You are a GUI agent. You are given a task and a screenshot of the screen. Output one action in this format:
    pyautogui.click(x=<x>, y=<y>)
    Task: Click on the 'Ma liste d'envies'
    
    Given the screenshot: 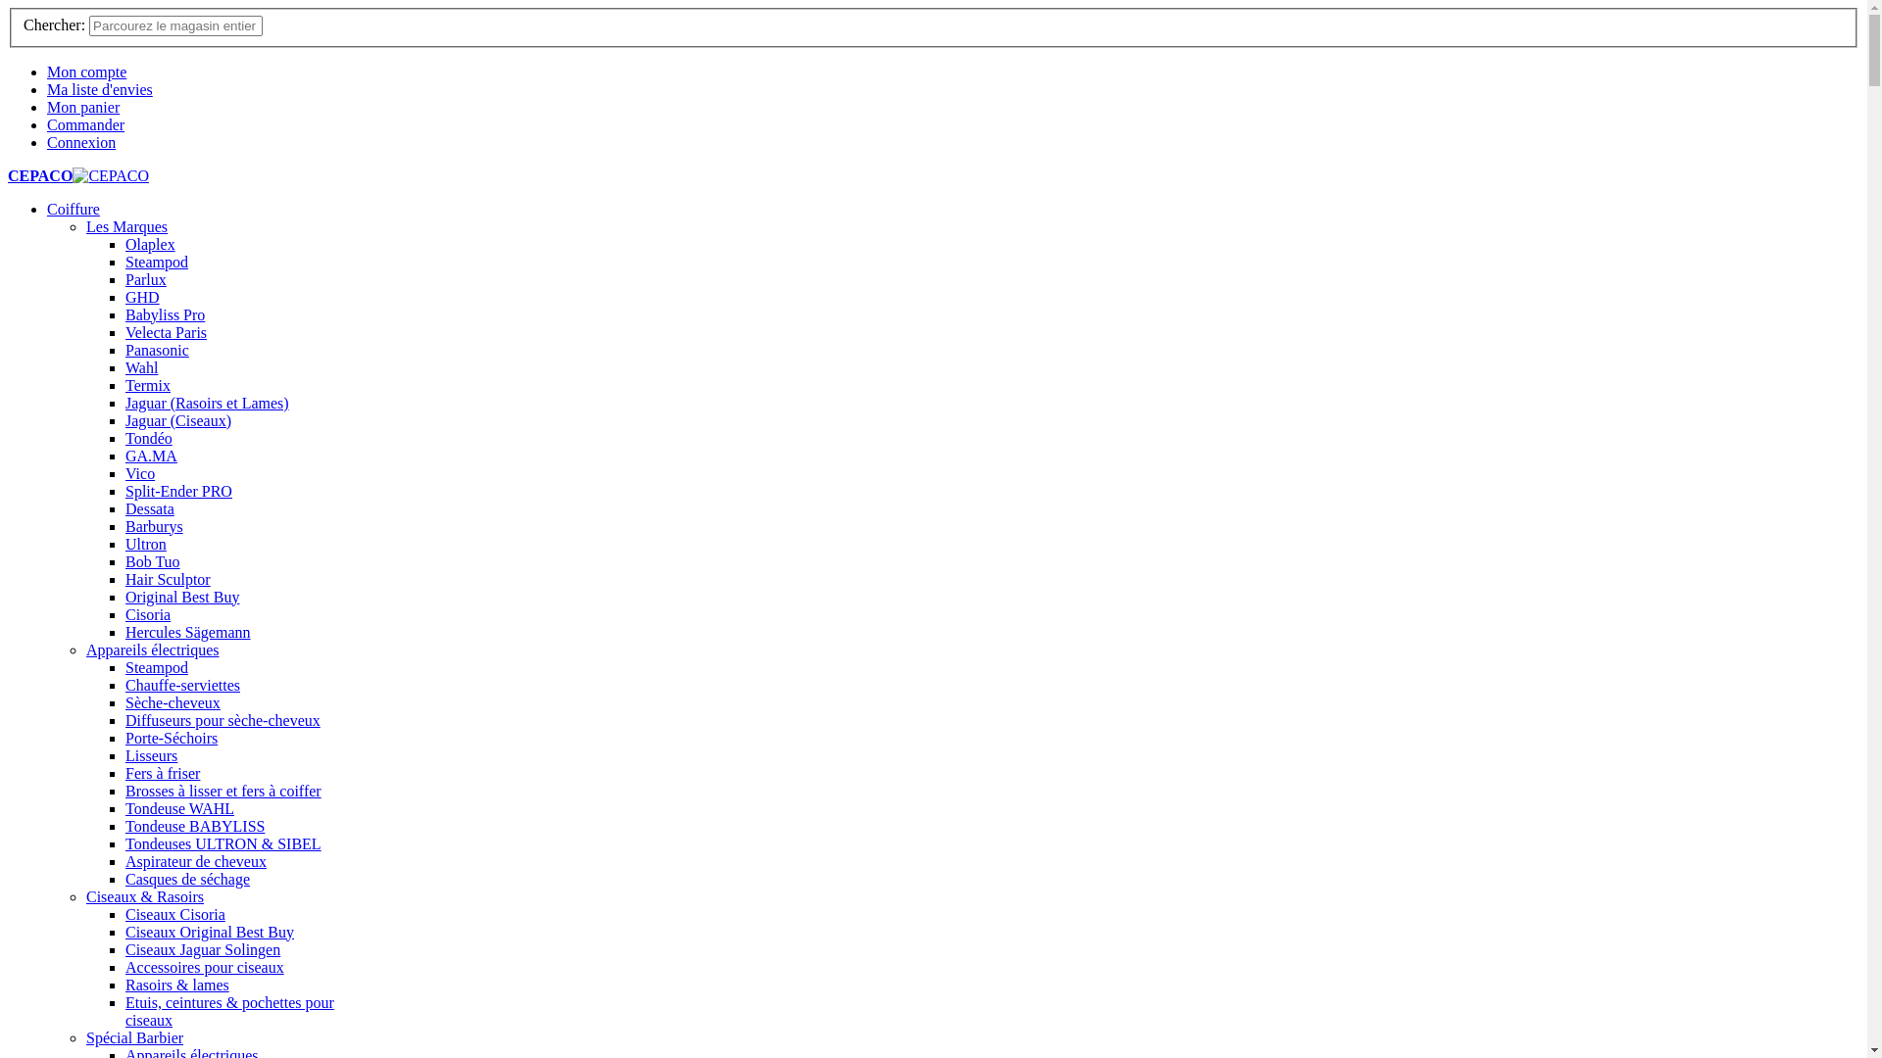 What is the action you would take?
    pyautogui.click(x=47, y=89)
    